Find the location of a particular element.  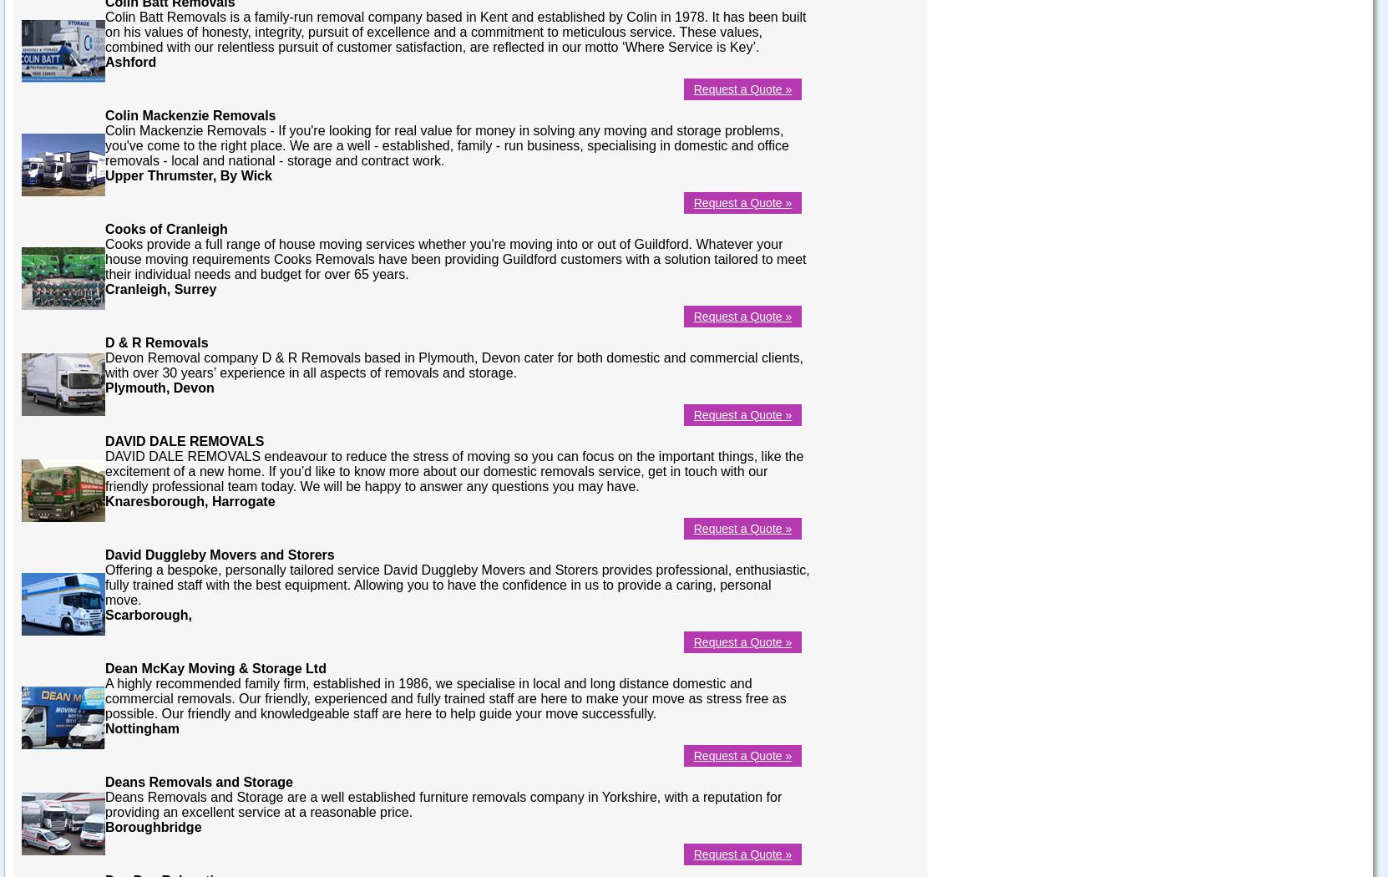

'Cranleigh, Surrey' is located at coordinates (104, 287).